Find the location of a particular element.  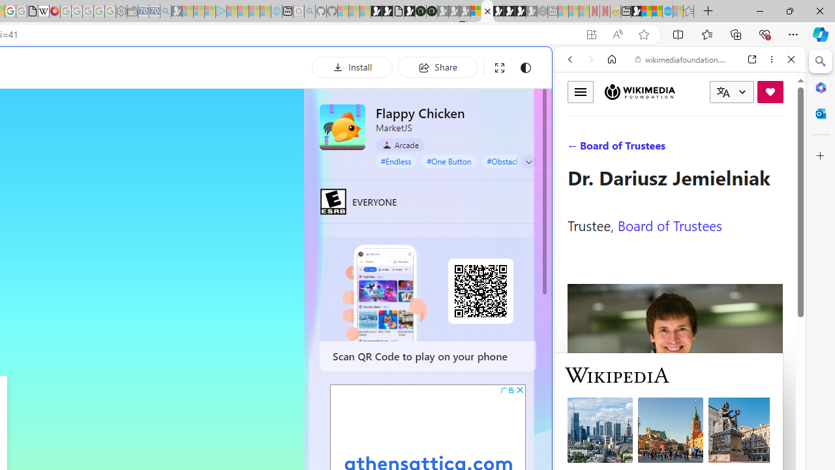

'Close split screen' is located at coordinates (551, 67).